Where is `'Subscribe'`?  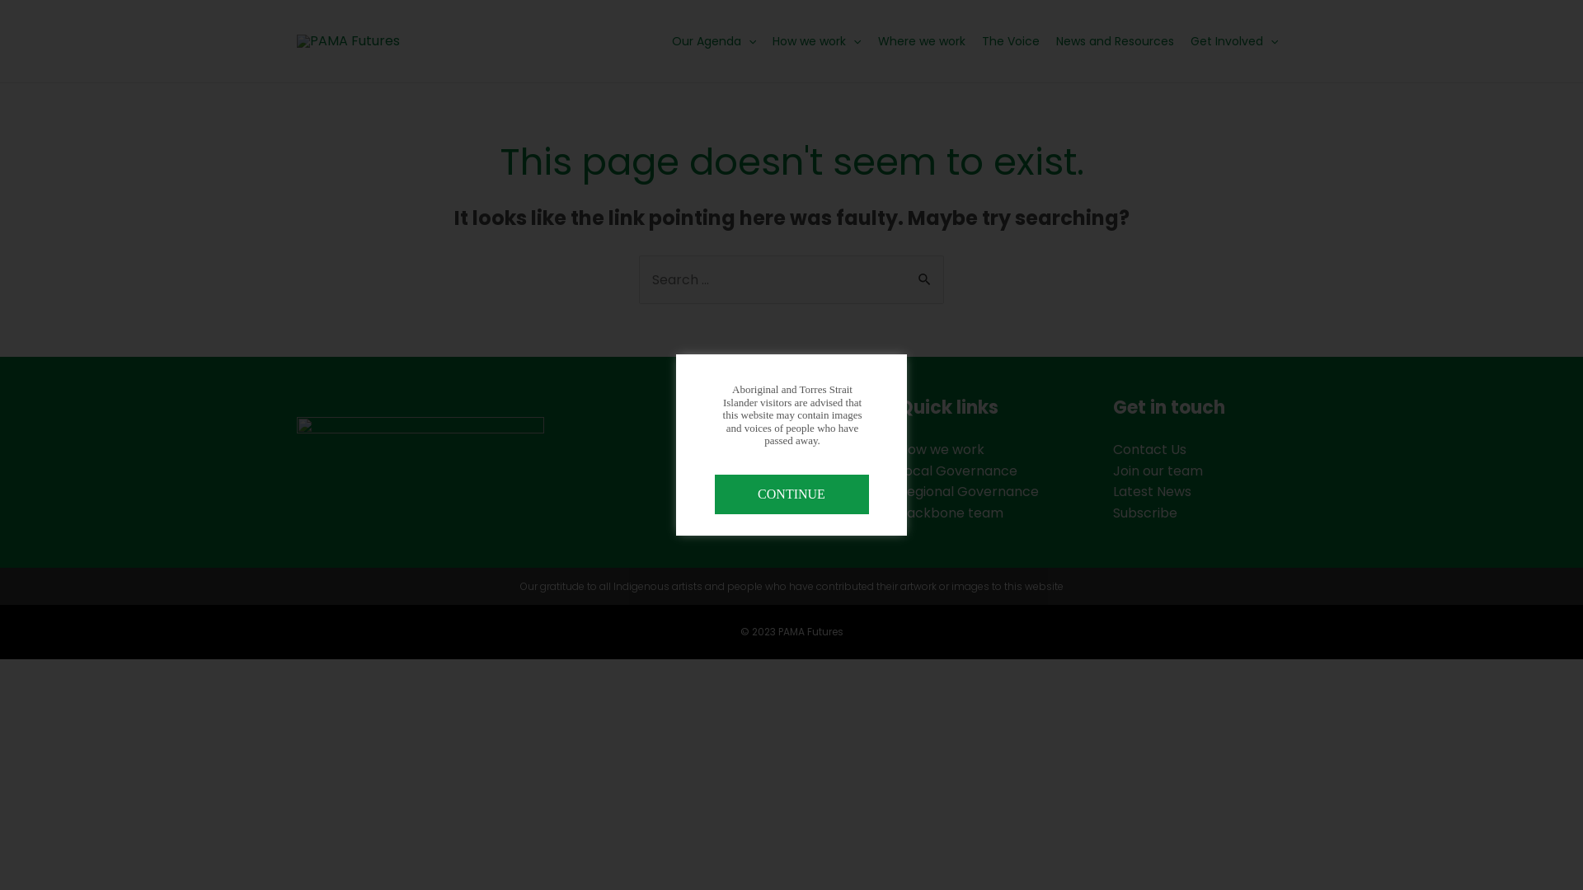
'Subscribe' is located at coordinates (1144, 512).